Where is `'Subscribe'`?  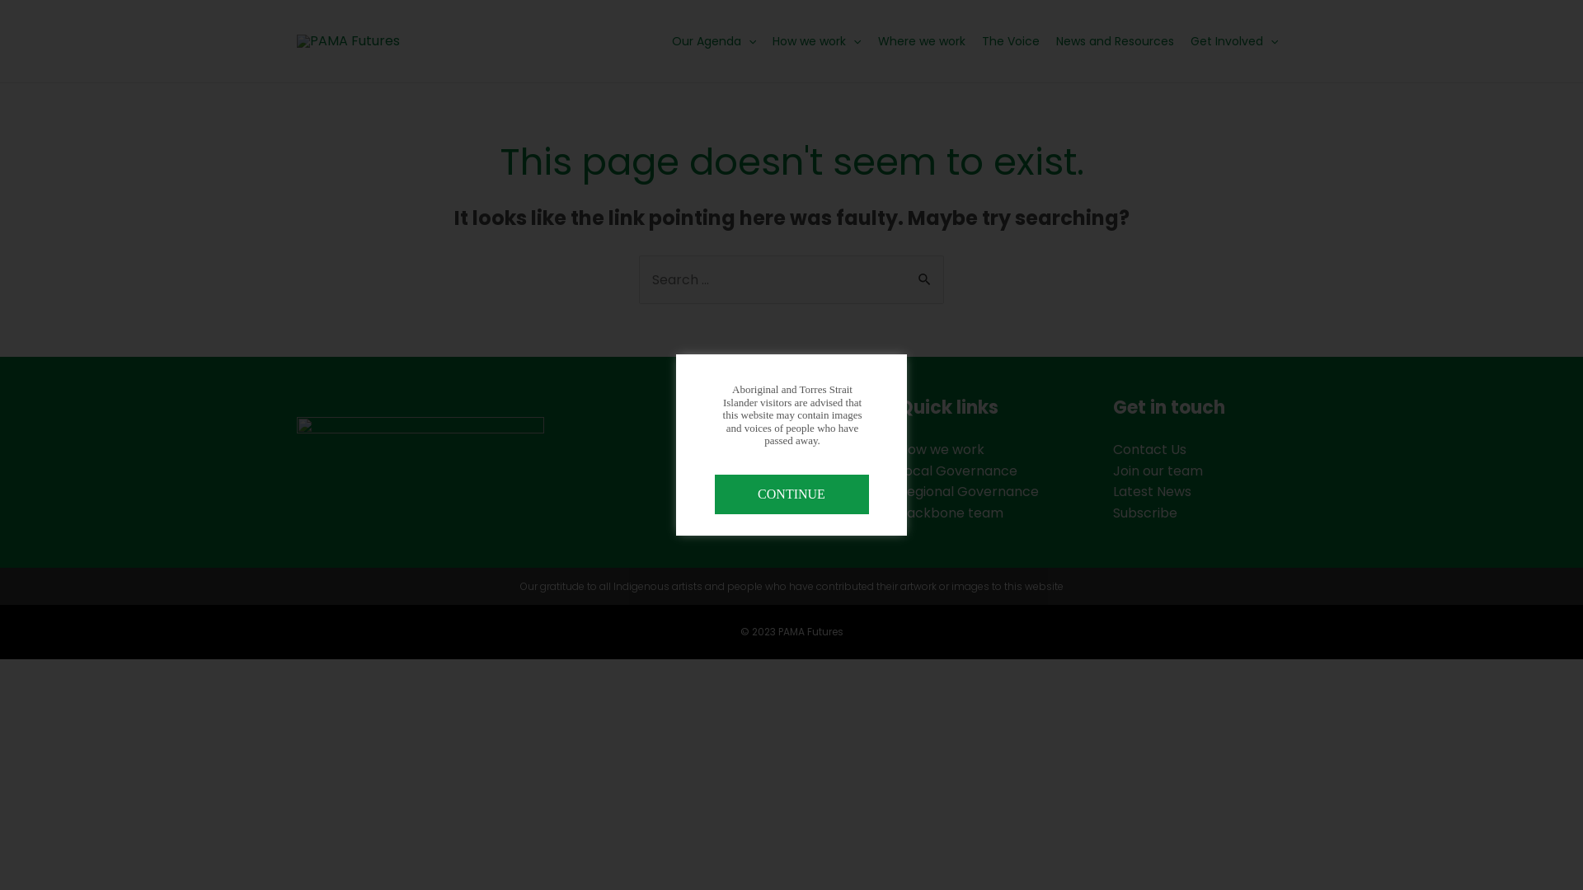
'Subscribe' is located at coordinates (1144, 512).